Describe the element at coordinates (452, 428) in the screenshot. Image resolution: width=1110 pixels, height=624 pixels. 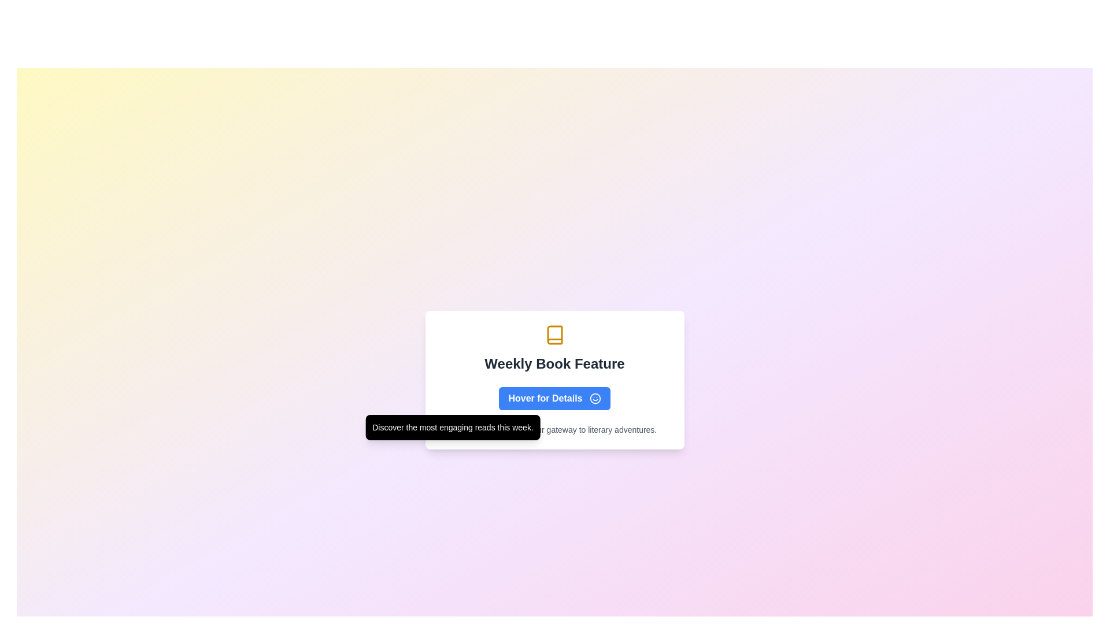
I see `the Text Label that provides supplementary information below the 'Hover for Details' button, centrally aligned within the black rectangular background of the floating card` at that location.